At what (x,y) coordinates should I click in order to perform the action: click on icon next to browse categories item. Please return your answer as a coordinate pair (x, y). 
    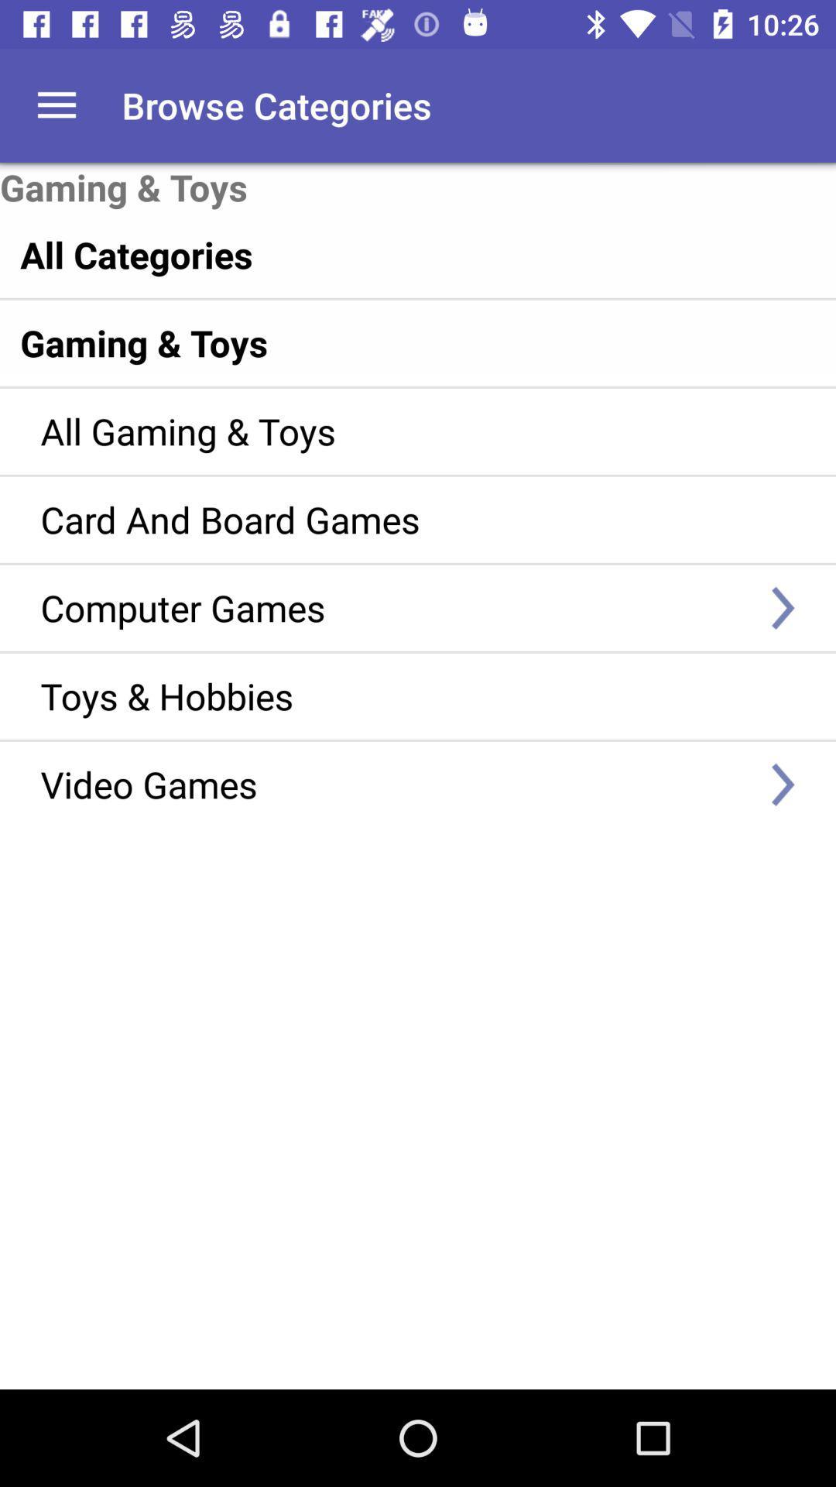
    Looking at the image, I should click on (56, 105).